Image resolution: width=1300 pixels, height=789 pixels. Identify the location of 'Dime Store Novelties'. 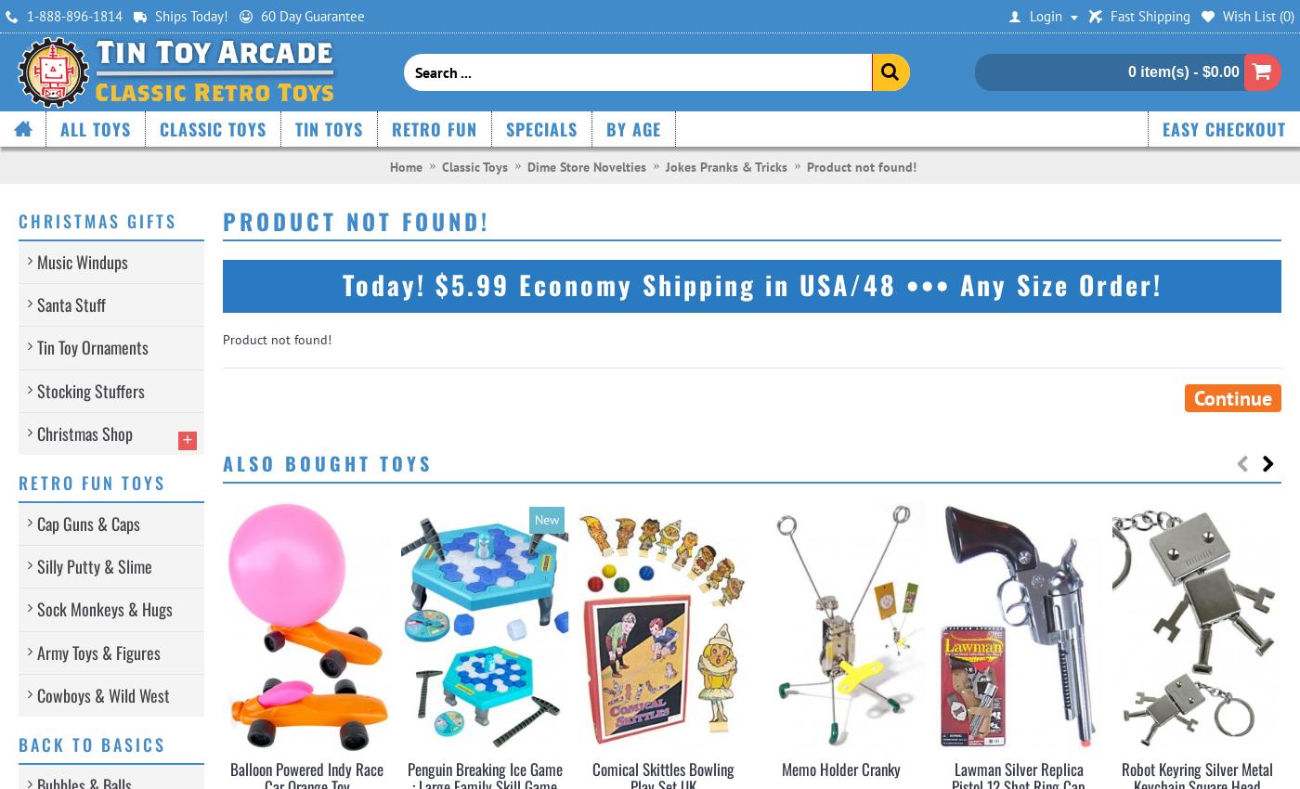
(585, 165).